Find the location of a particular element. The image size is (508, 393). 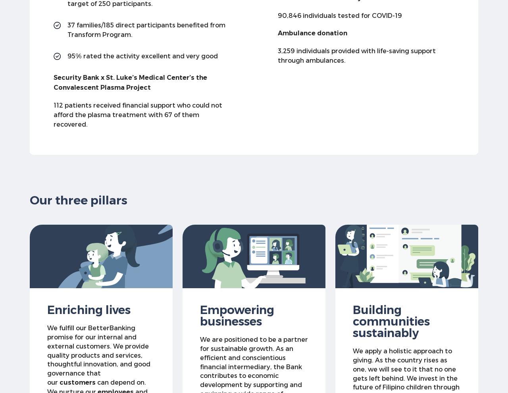

'Ambulance donation' is located at coordinates (312, 33).